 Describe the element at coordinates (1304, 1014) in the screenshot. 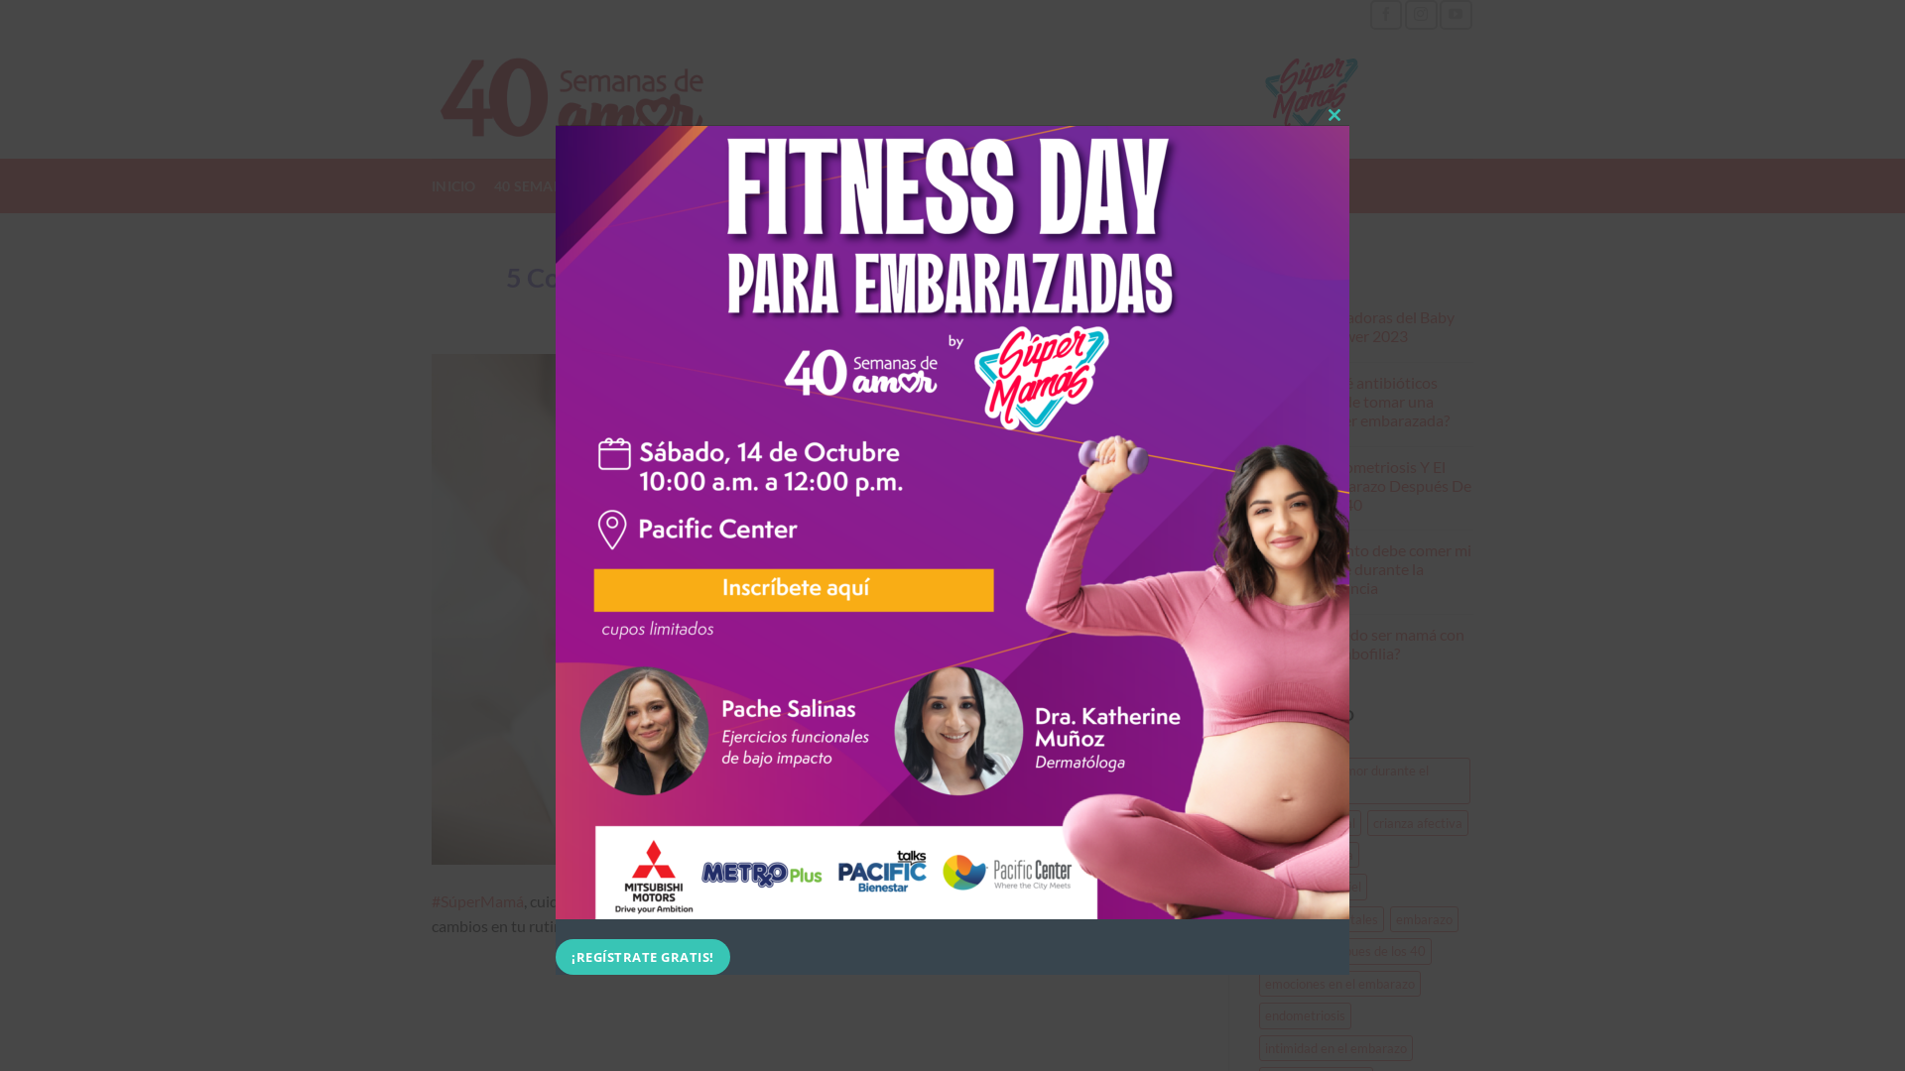

I see `'endometriosis'` at that location.